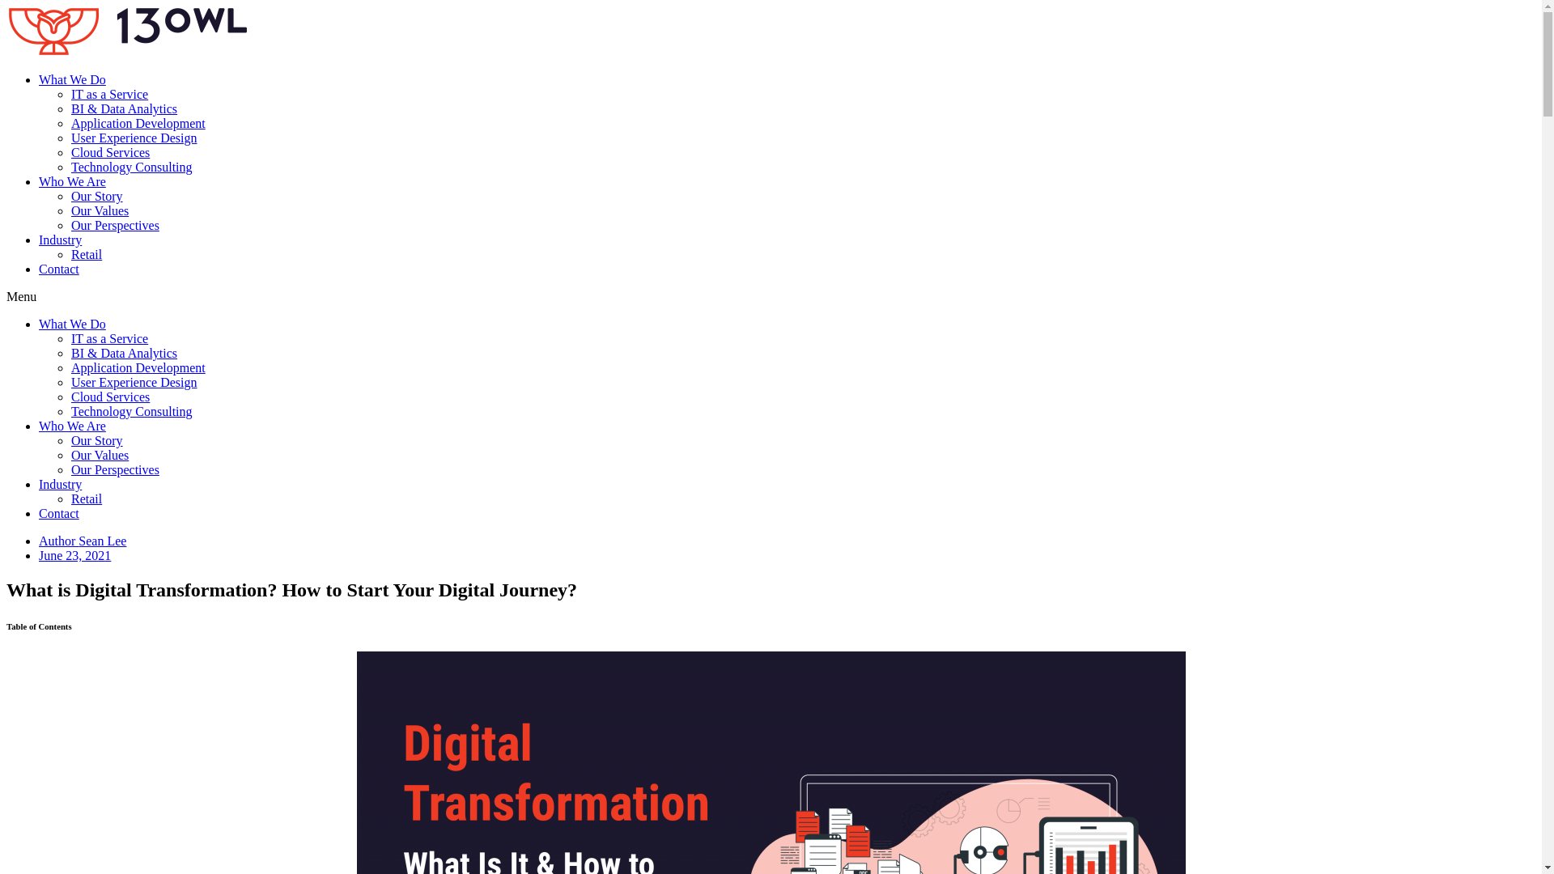  What do you see at coordinates (58, 513) in the screenshot?
I see `'Contact'` at bounding box center [58, 513].